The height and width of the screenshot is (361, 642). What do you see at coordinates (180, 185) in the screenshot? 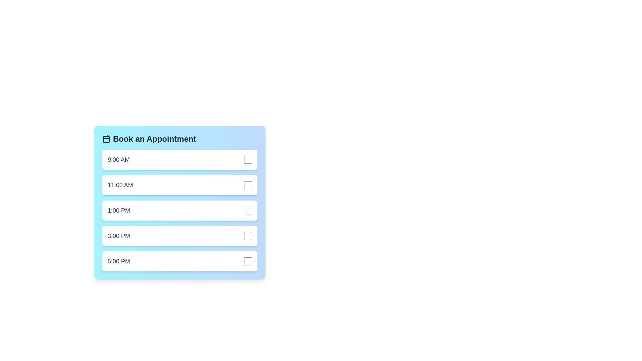
I see `the time slot for 11:00 AM` at bounding box center [180, 185].